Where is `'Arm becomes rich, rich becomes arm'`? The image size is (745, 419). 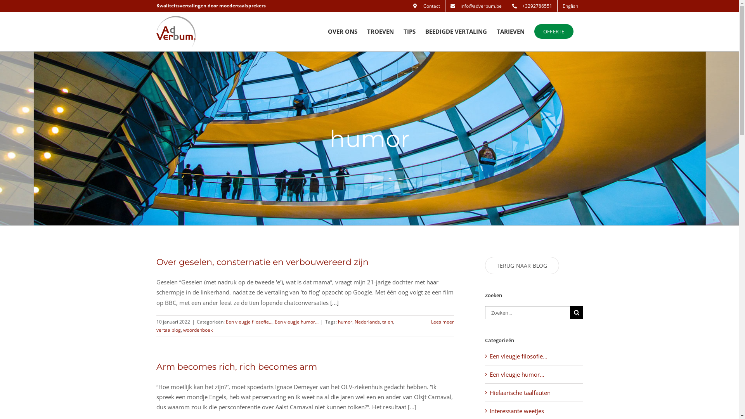
'Arm becomes rich, rich becomes arm' is located at coordinates (236, 367).